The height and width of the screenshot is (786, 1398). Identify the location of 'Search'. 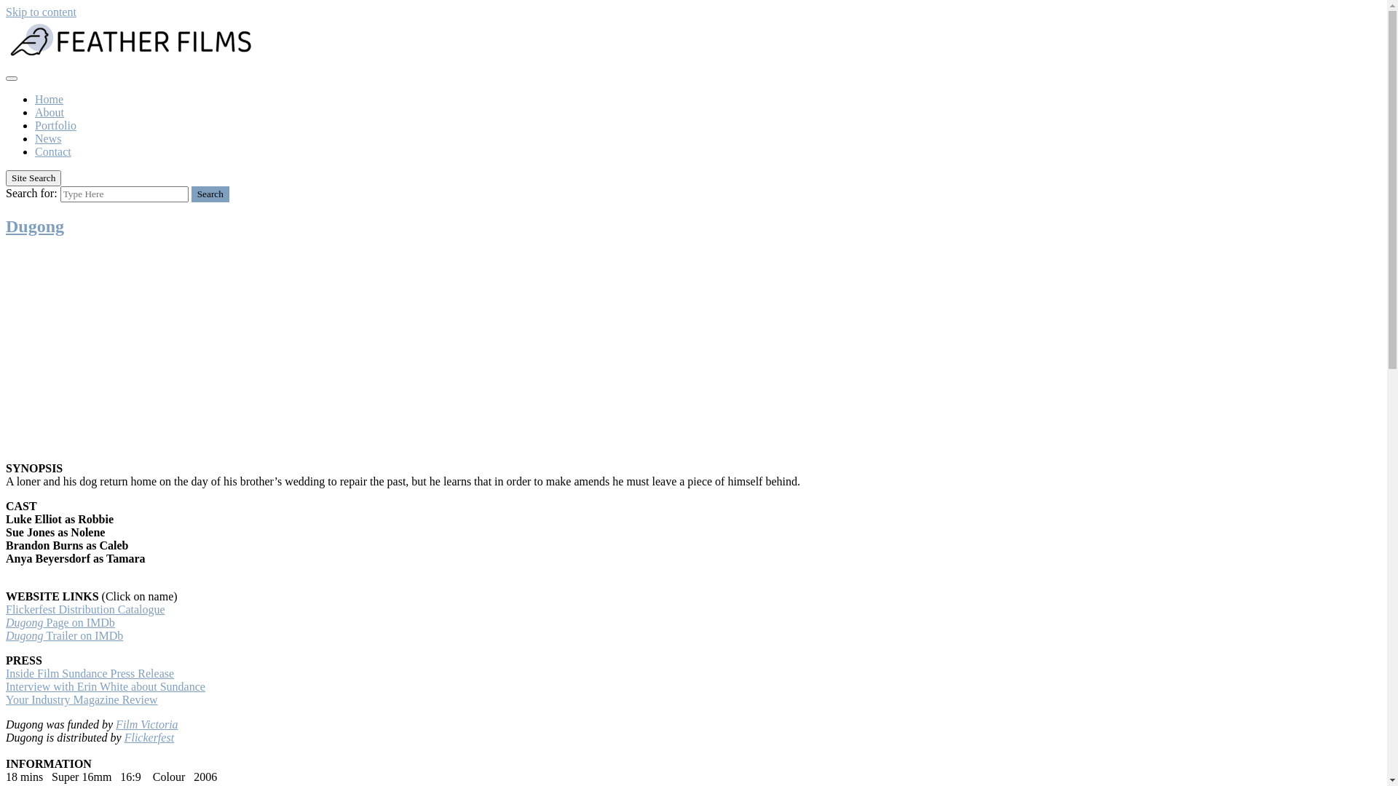
(209, 193).